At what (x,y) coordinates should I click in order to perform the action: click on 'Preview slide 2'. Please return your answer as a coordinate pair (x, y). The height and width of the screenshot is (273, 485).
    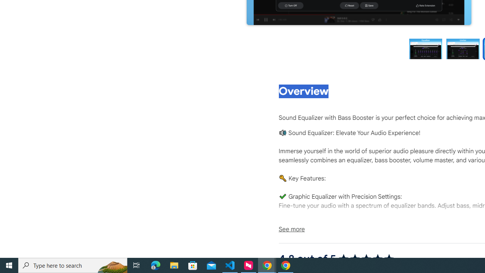
    Looking at the image, I should click on (462, 49).